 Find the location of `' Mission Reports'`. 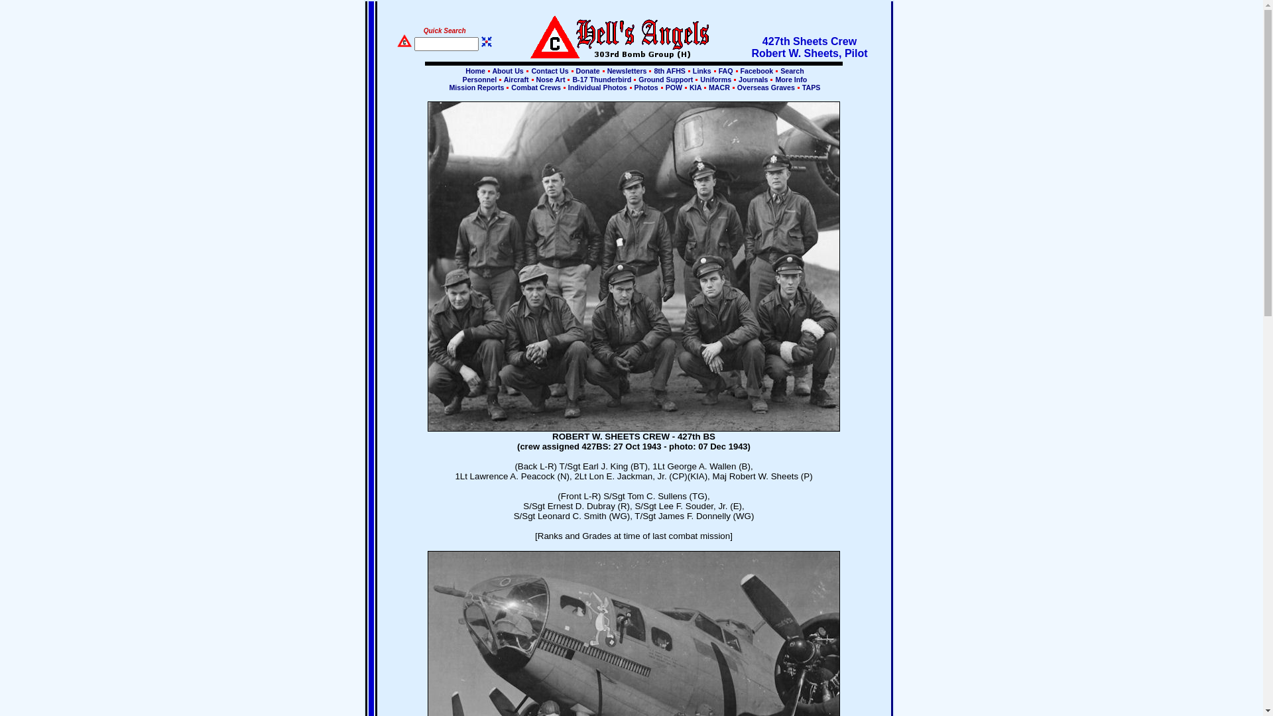

' Mission Reports' is located at coordinates (477, 87).